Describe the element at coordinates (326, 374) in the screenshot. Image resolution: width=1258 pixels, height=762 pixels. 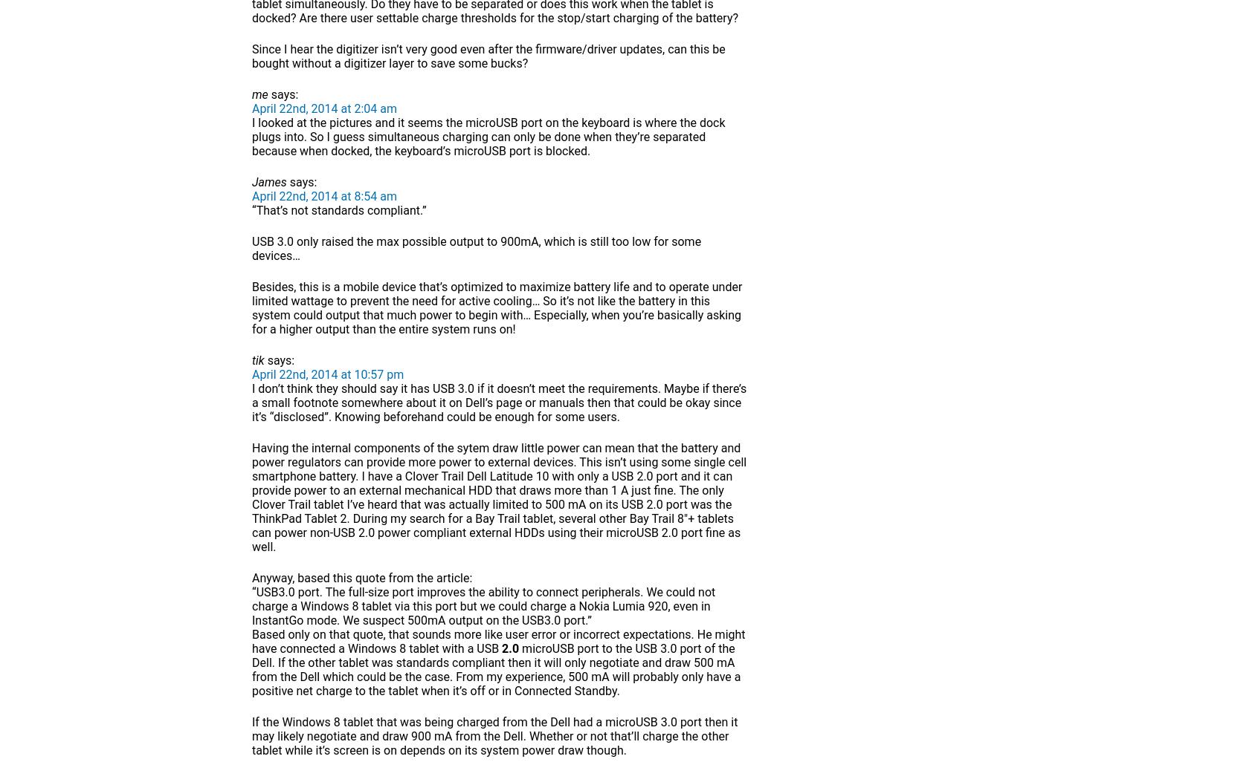
I see `'April 22nd, 2014 at 10:57 pm'` at that location.